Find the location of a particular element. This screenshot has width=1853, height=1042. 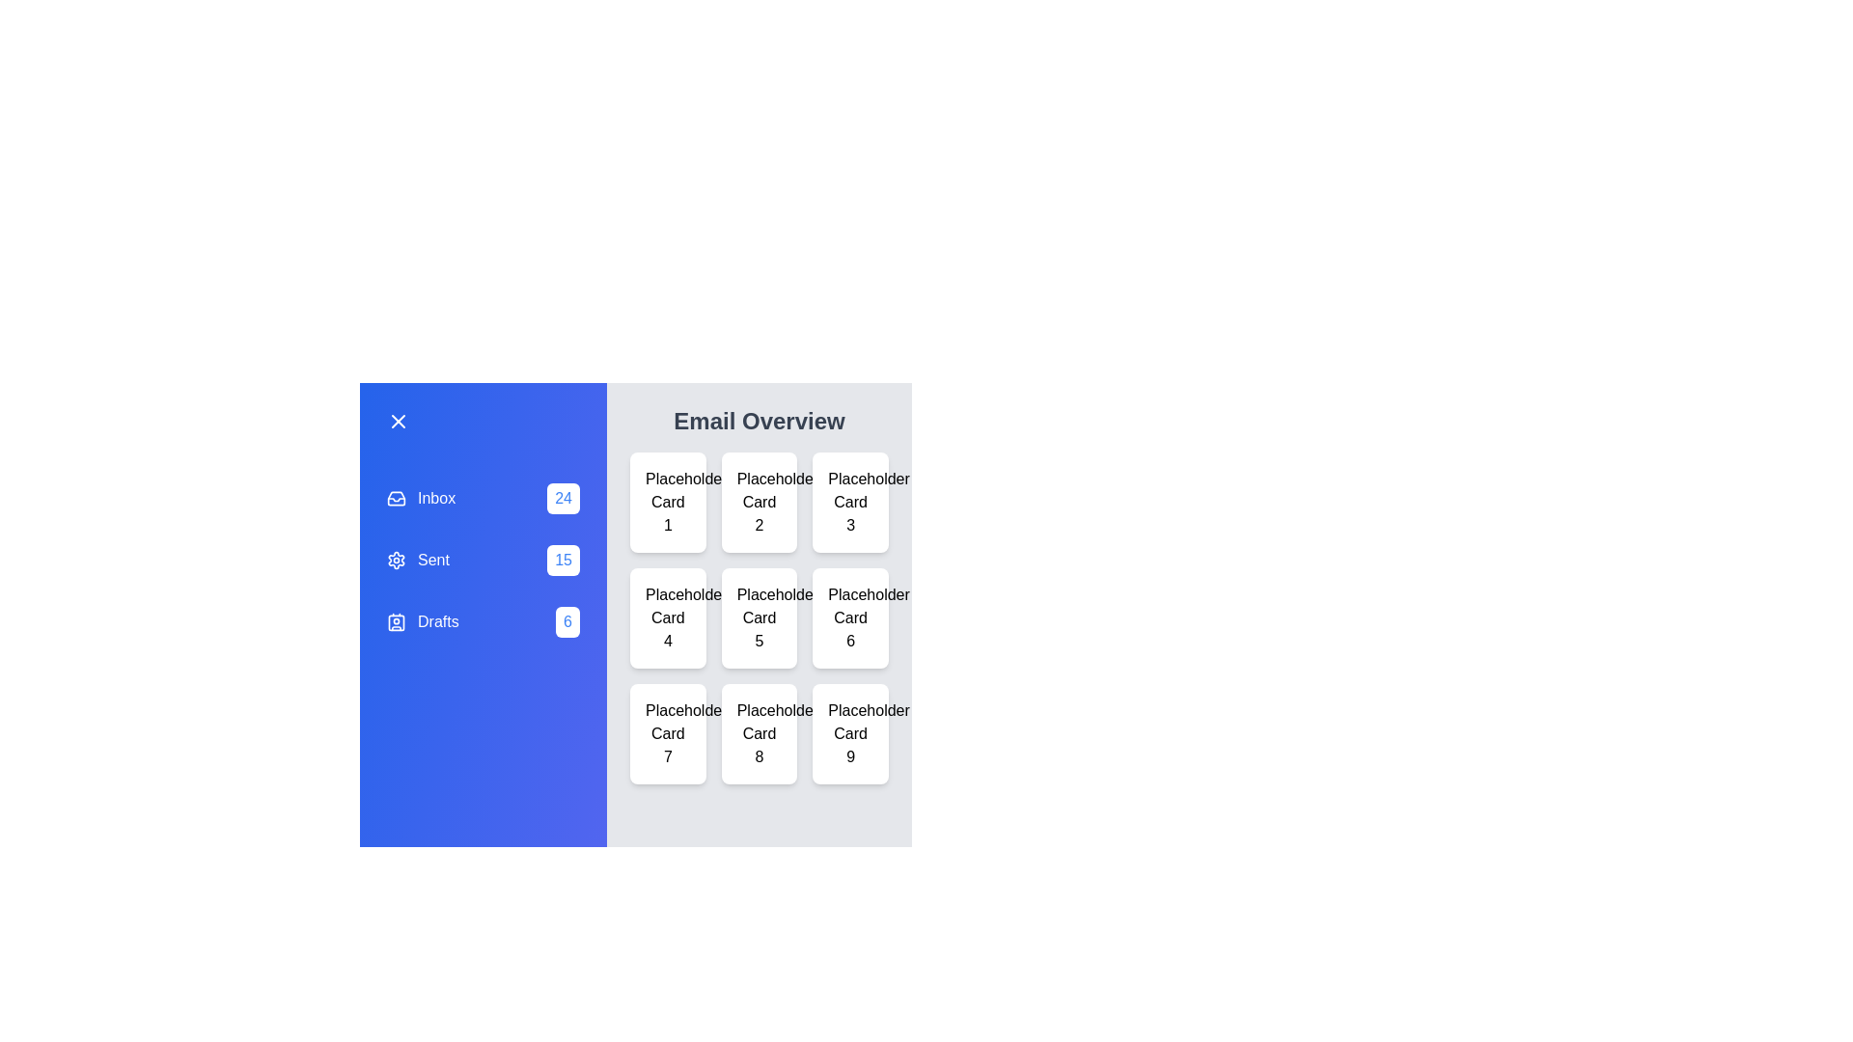

the folder labeled Sent to select it is located at coordinates (483, 561).